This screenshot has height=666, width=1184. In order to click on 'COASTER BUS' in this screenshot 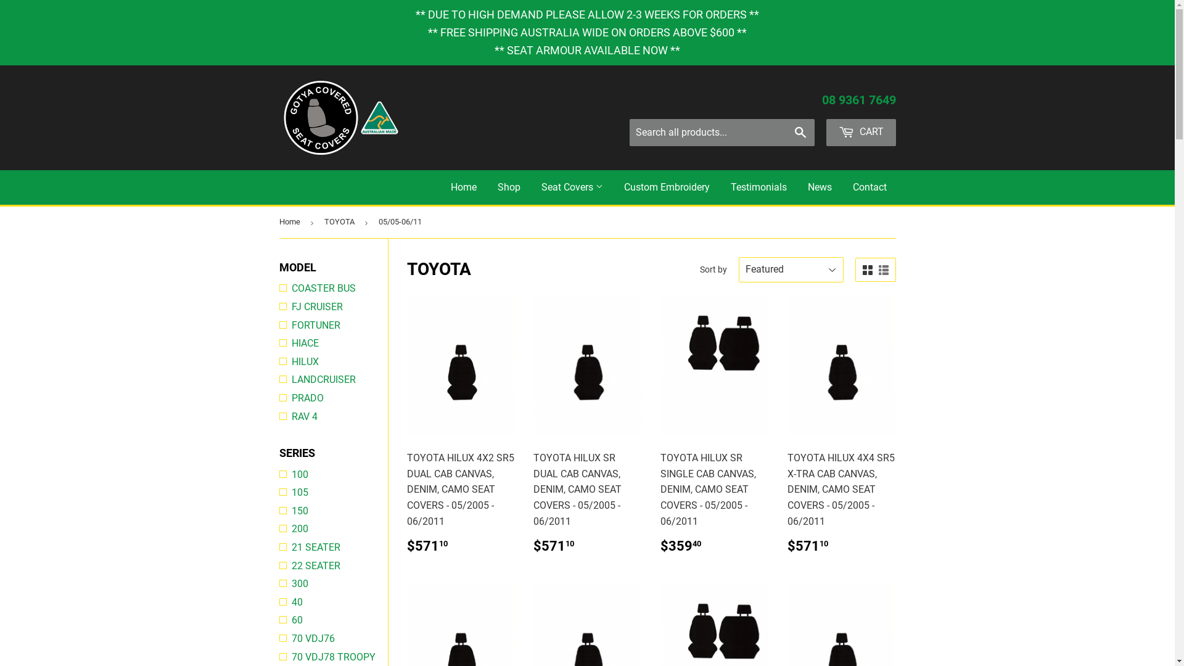, I will do `click(277, 288)`.